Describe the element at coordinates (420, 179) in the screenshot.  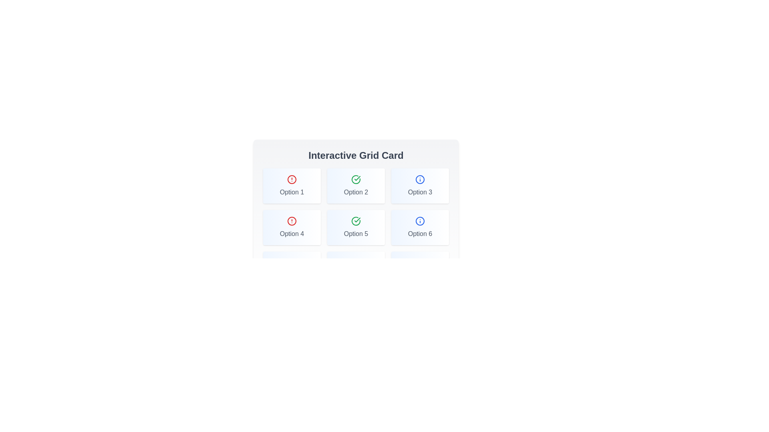
I see `the blue-stroked circular SVG element labeled as 'Option 6' located in the bottom-right corner of the interactive grid card` at that location.